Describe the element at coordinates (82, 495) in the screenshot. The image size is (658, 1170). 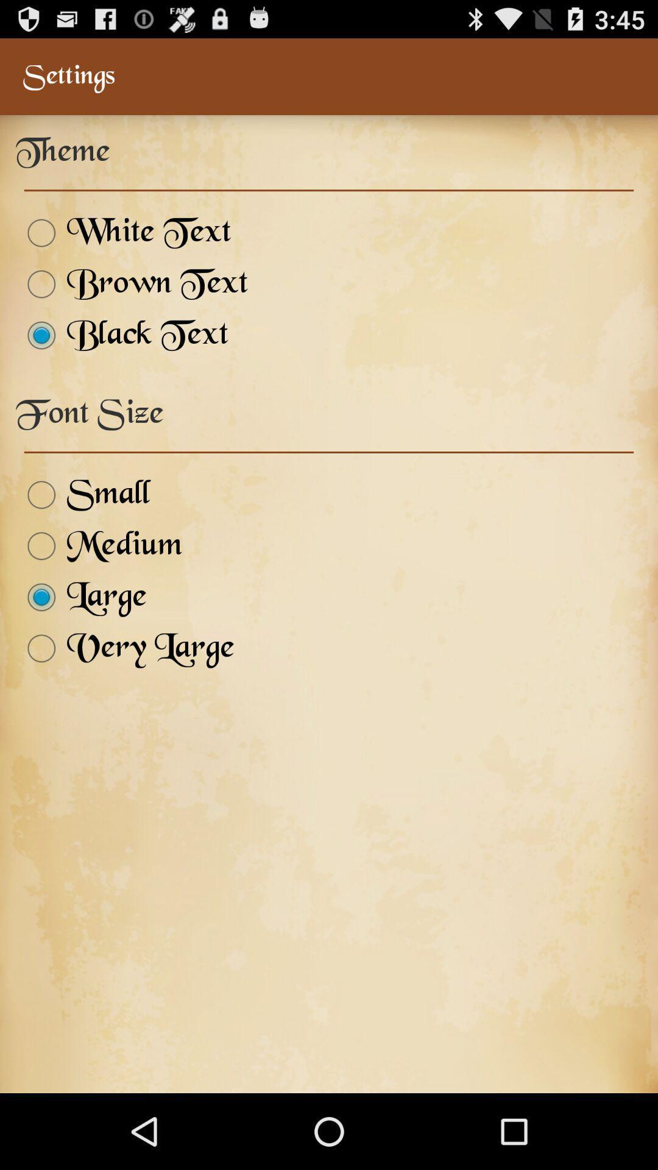
I see `small item` at that location.